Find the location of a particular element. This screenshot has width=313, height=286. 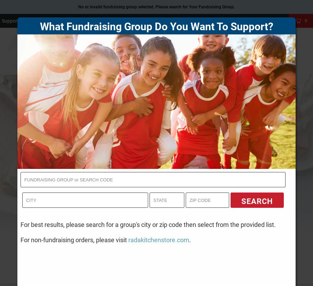

'USD' is located at coordinates (238, 21).